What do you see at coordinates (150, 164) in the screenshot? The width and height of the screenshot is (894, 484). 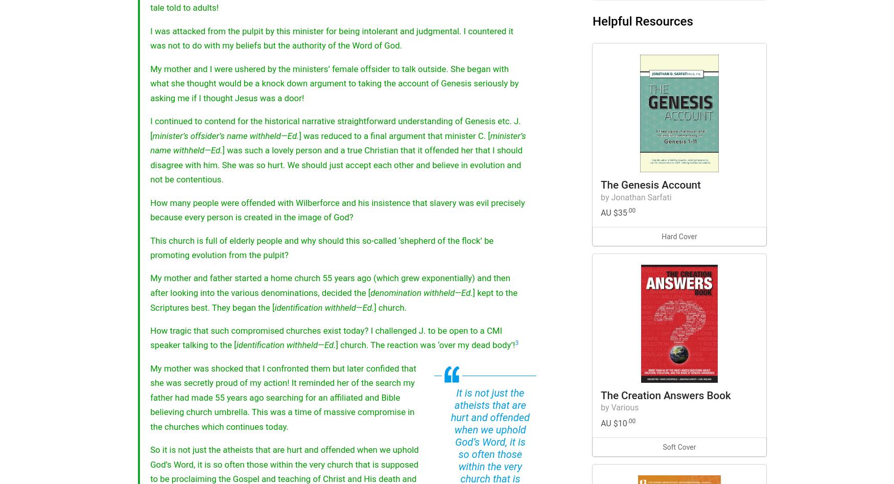 I see `']
was such a lovely person and a true Christian that it offended her that I should
disagree with him. She was so hurt. We should just accept each other and believe
in evolution and not be contentious.'` at bounding box center [150, 164].